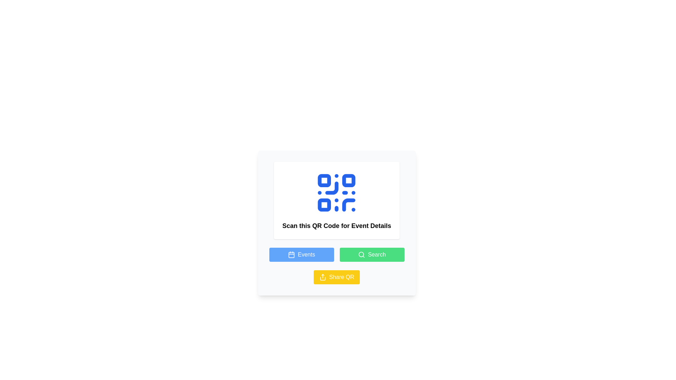  What do you see at coordinates (324, 205) in the screenshot?
I see `the small square with rounded corners and a blue fill located at the bottom left corner of the QR code icon` at bounding box center [324, 205].